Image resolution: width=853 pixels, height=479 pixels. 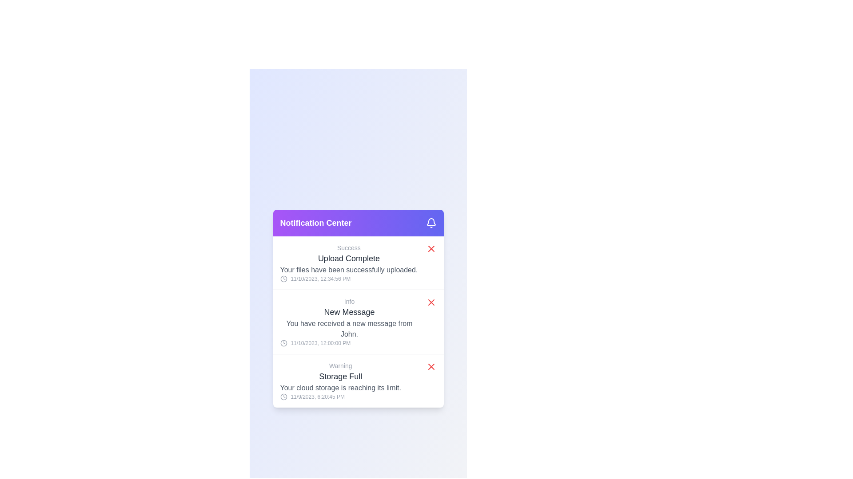 I want to click on information from the text label that indicates the user's cloud storage is full, which is the second line in the 'Warning' notification card, so click(x=340, y=376).